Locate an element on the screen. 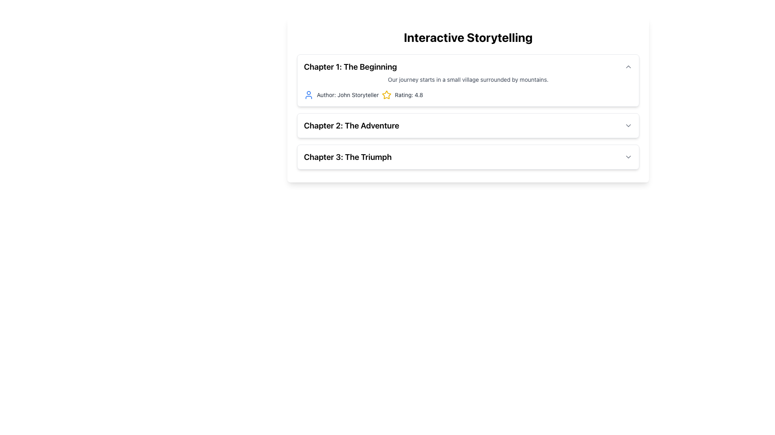 This screenshot has width=775, height=435. the rating icon located to the left of the text 'Rating: 4.8', directly under 'Chapter 1: The Beginning', and horizontally aligned with 'Author: John Storyteller' is located at coordinates (386, 94).